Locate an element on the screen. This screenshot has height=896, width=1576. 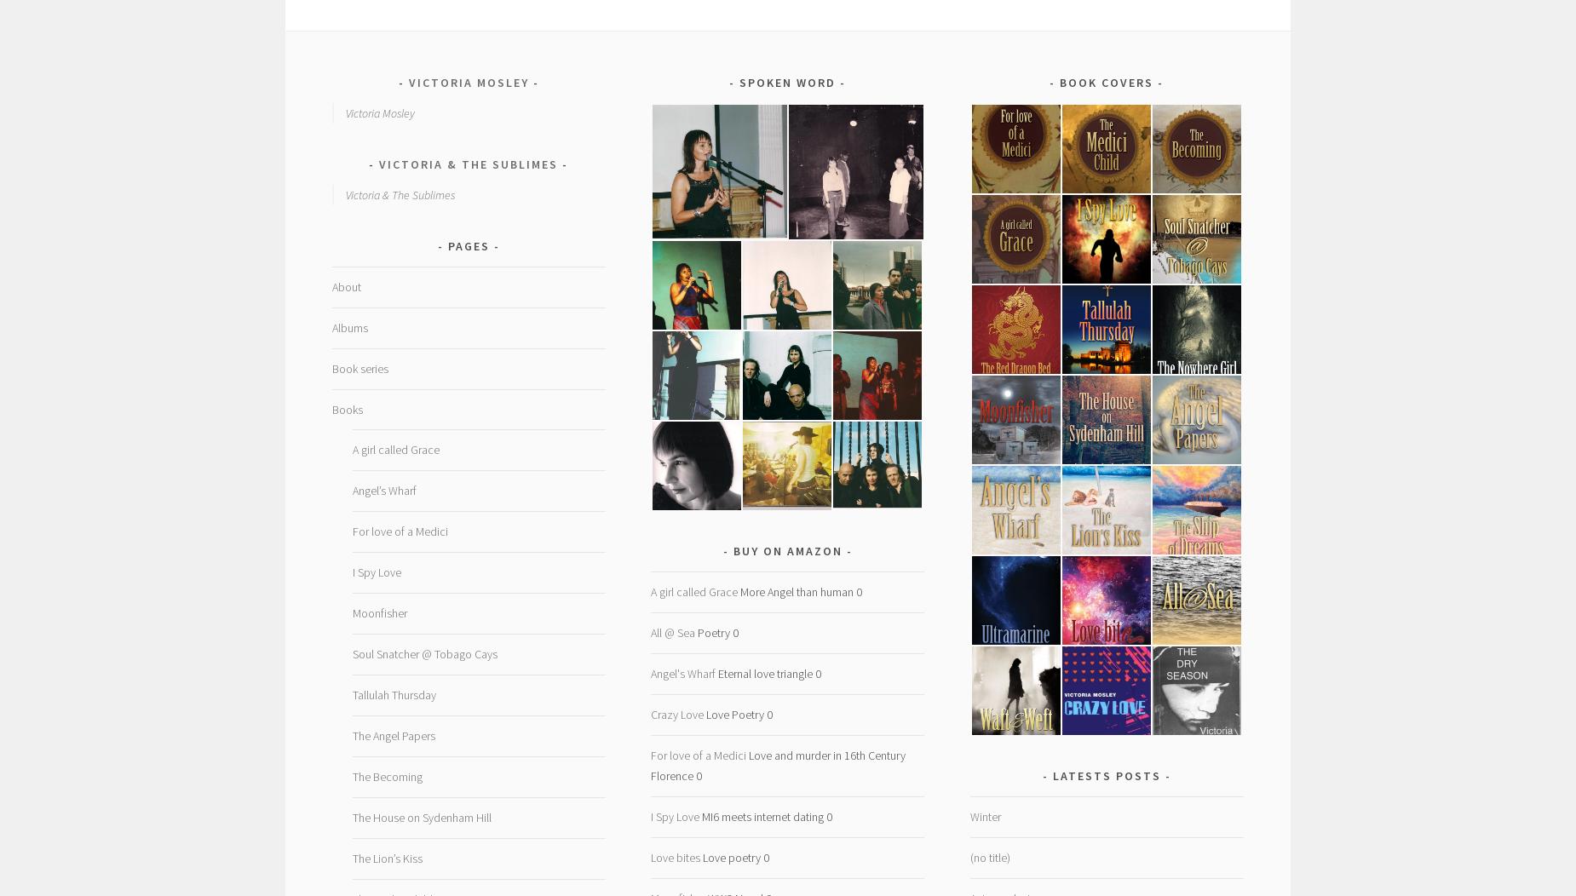
'Albums' is located at coordinates (348, 328).